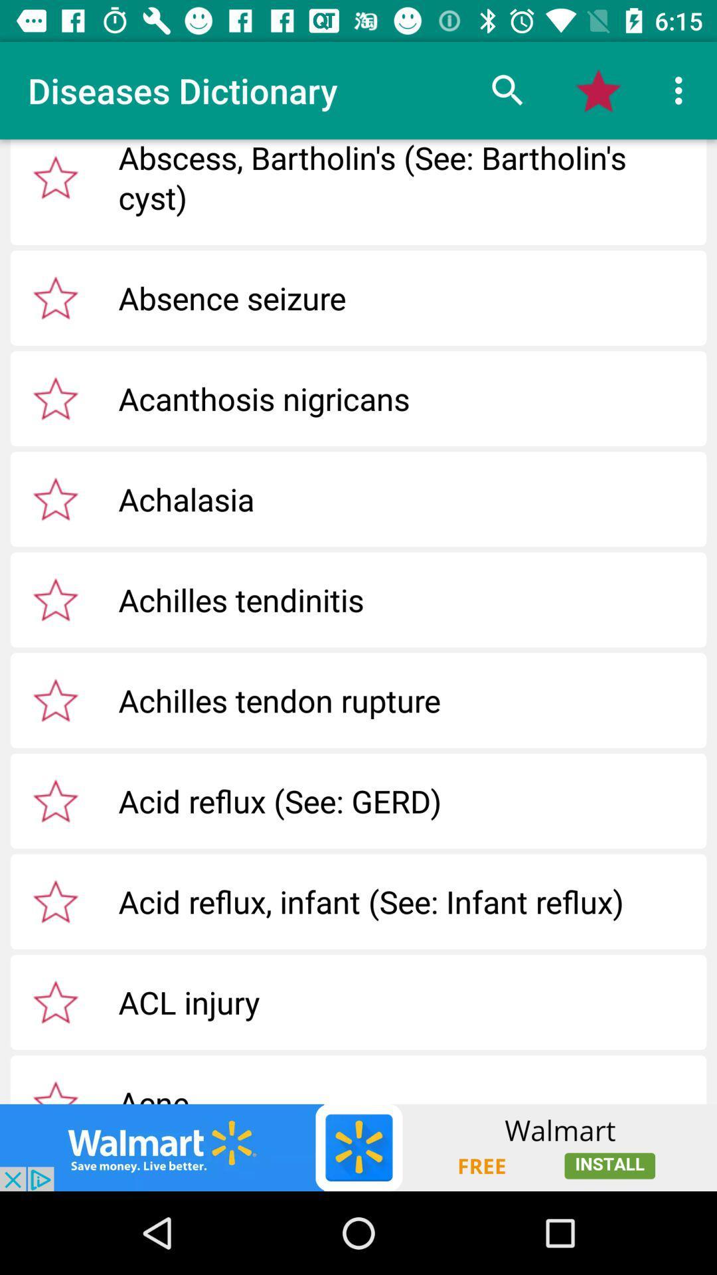  What do you see at coordinates (55, 177) in the screenshot?
I see `click the star option` at bounding box center [55, 177].